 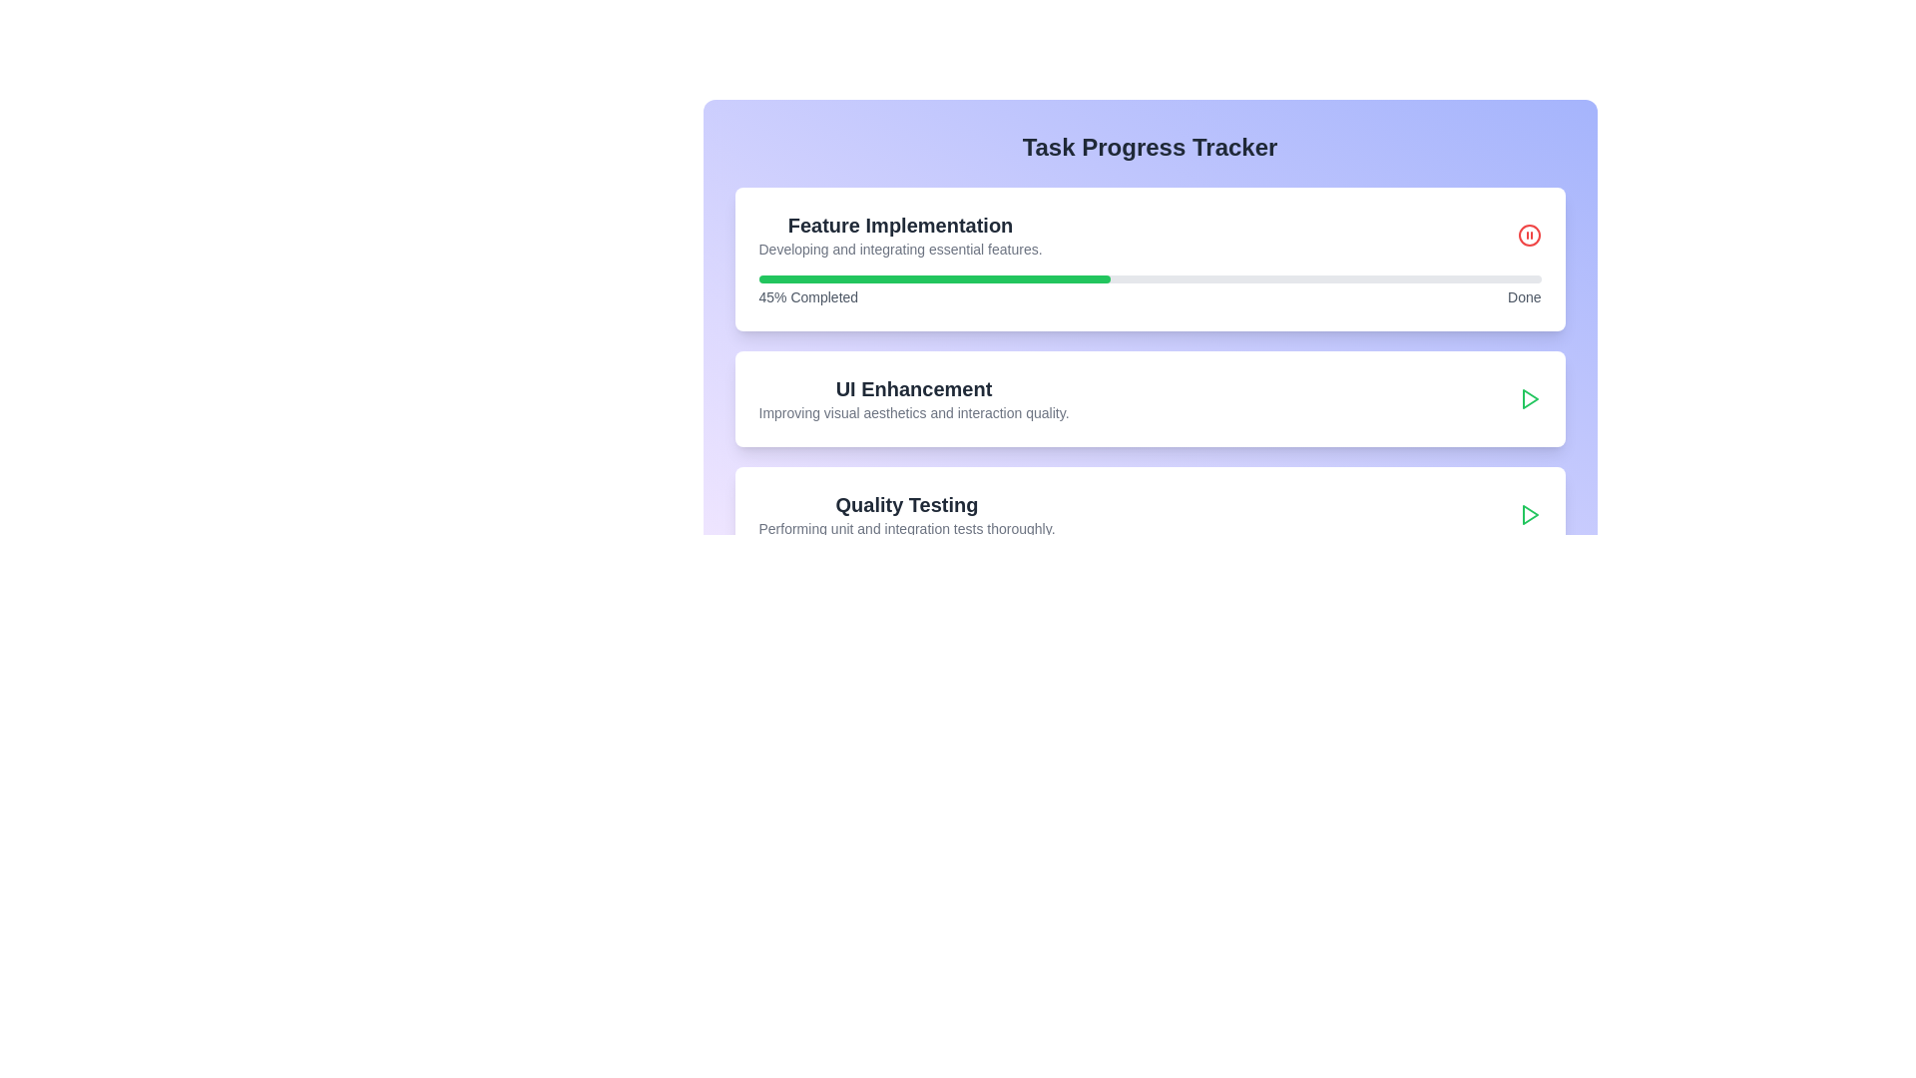 I want to click on the text element reading 'UI Enhancement', which is styled in a large, bold sans-serif font and is dark gray in color, positioned between the 'Feature Implementation' and 'Quality Testing' sections, so click(x=913, y=388).